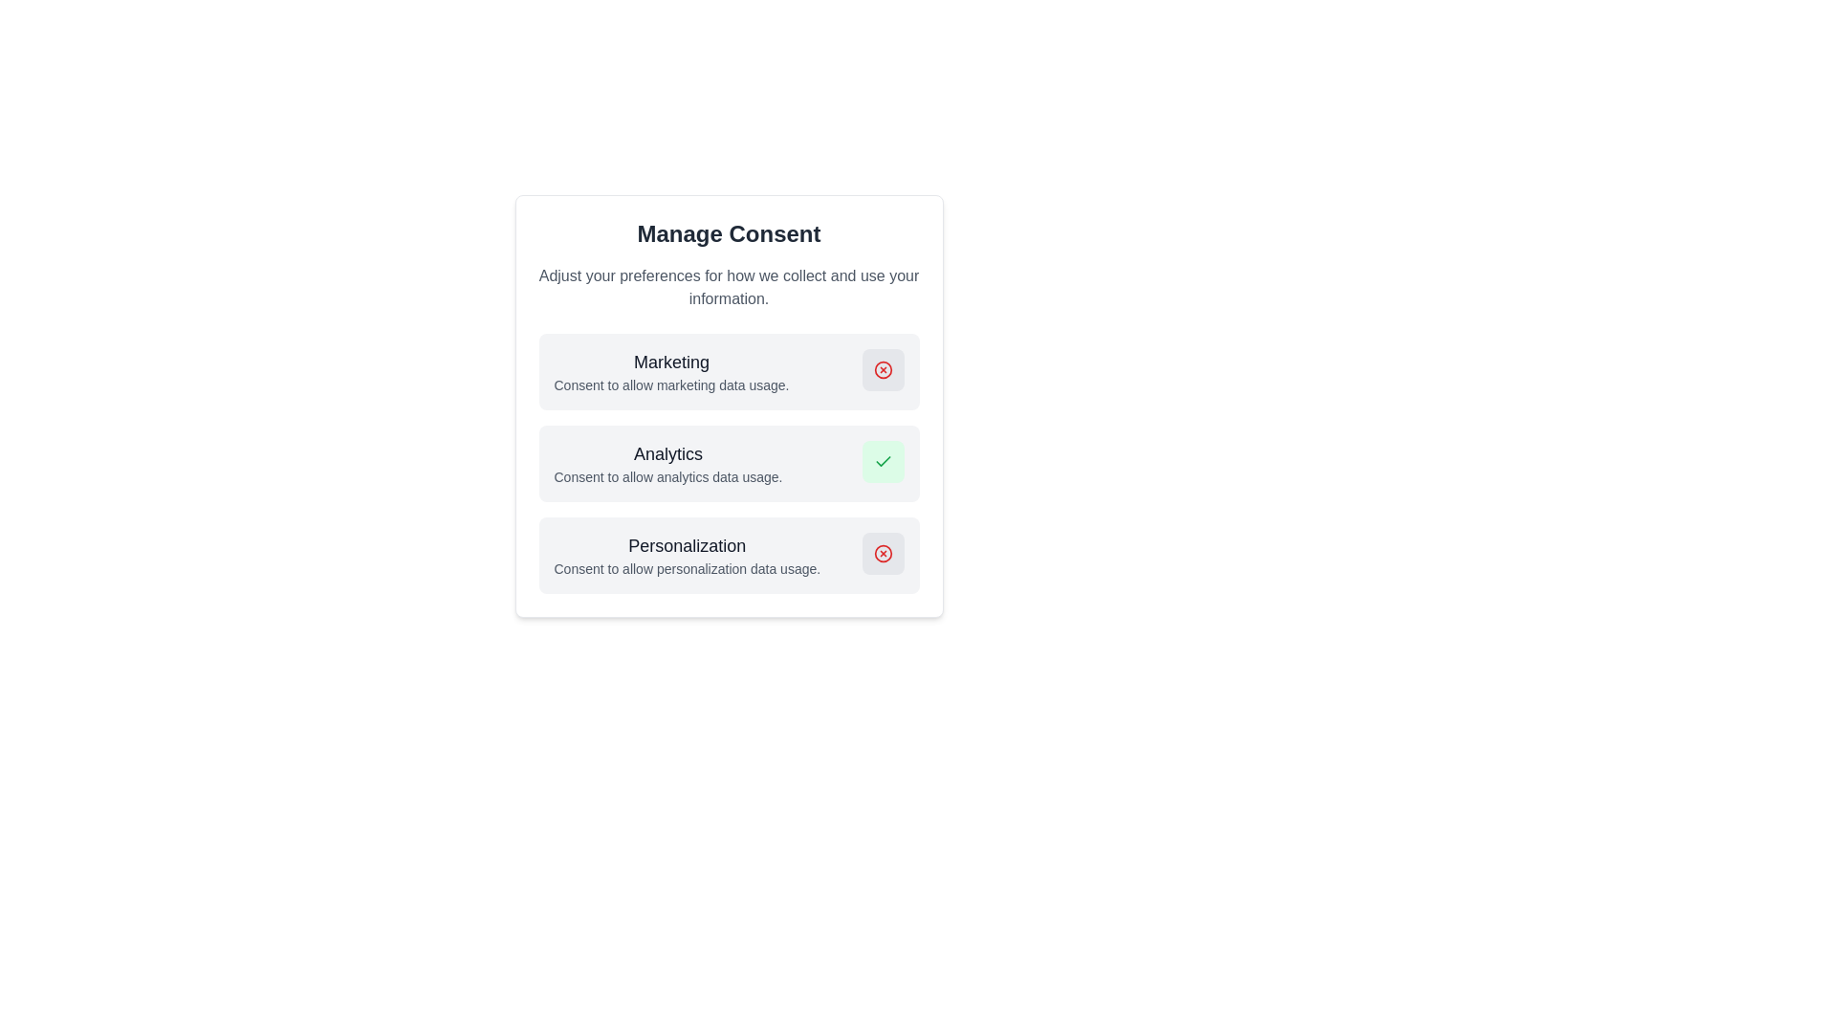 Image resolution: width=1836 pixels, height=1033 pixels. What do you see at coordinates (882, 369) in the screenshot?
I see `the red 'X' button within the circular border in the top-right corner of the 'Marketing' section in the 'Manage Consent' dialog` at bounding box center [882, 369].